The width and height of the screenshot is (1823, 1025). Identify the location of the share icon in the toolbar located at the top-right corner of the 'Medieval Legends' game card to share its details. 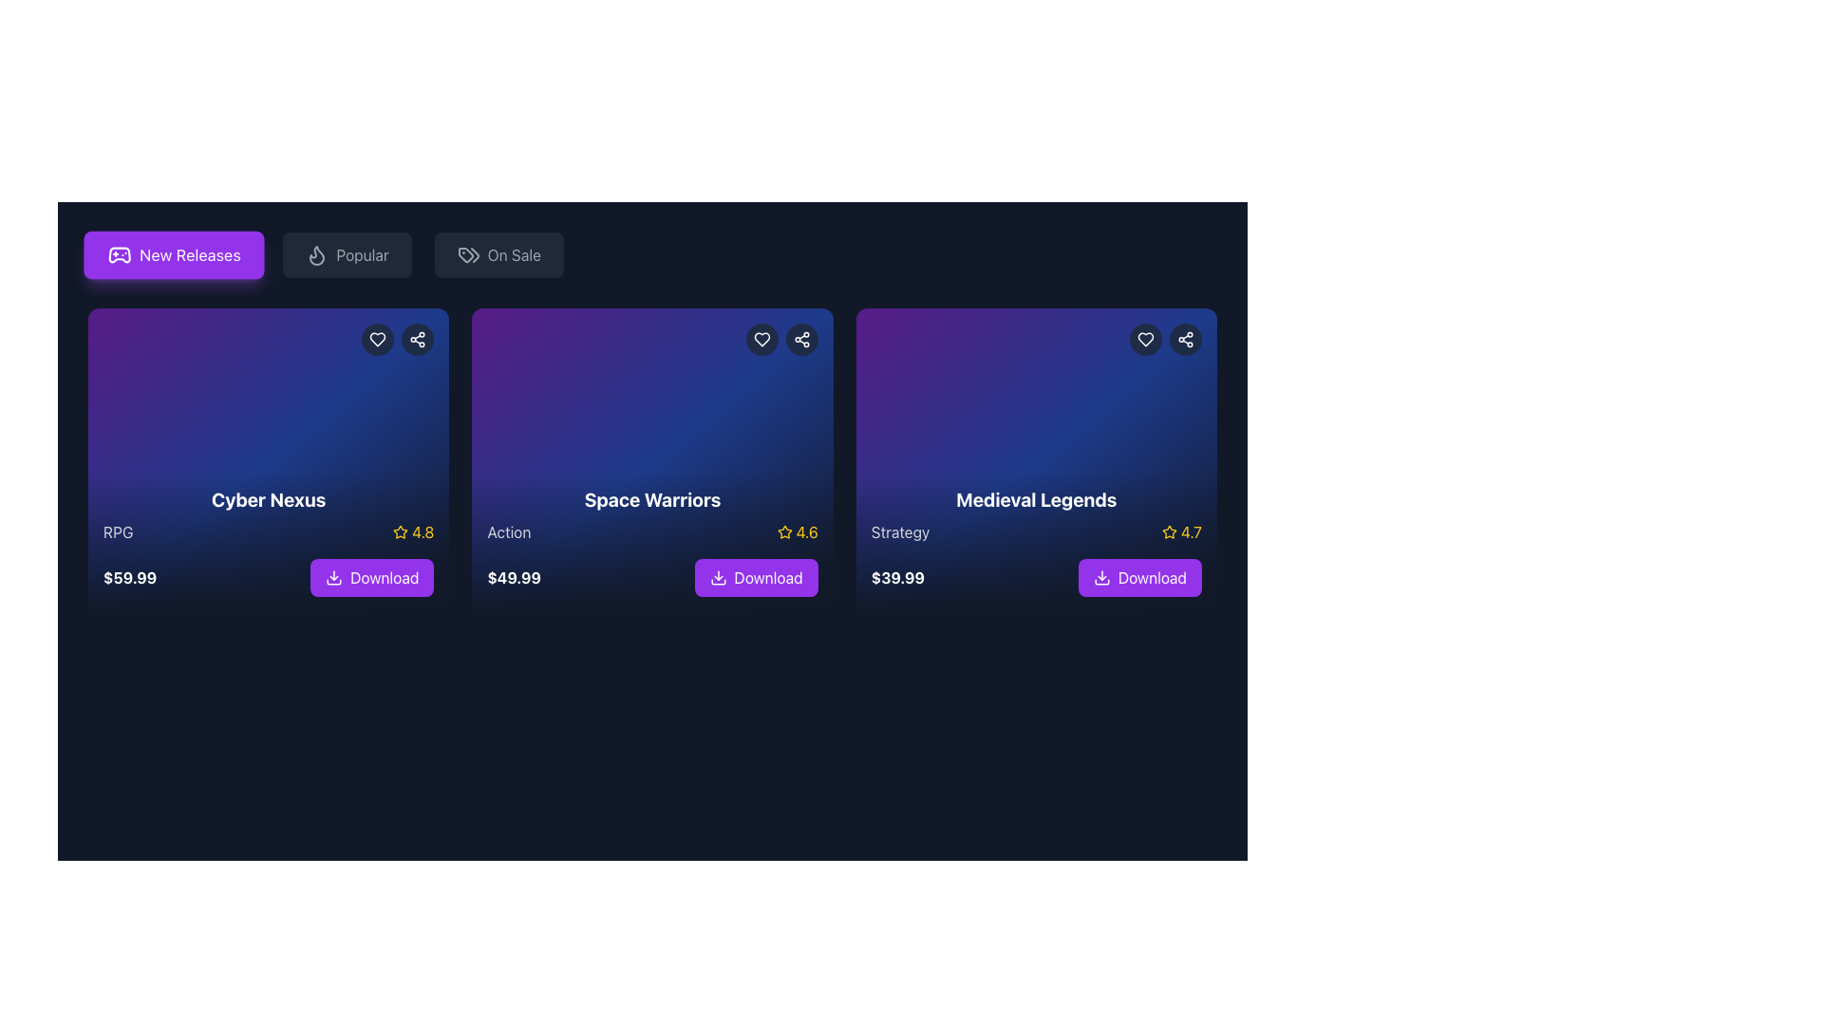
(1165, 339).